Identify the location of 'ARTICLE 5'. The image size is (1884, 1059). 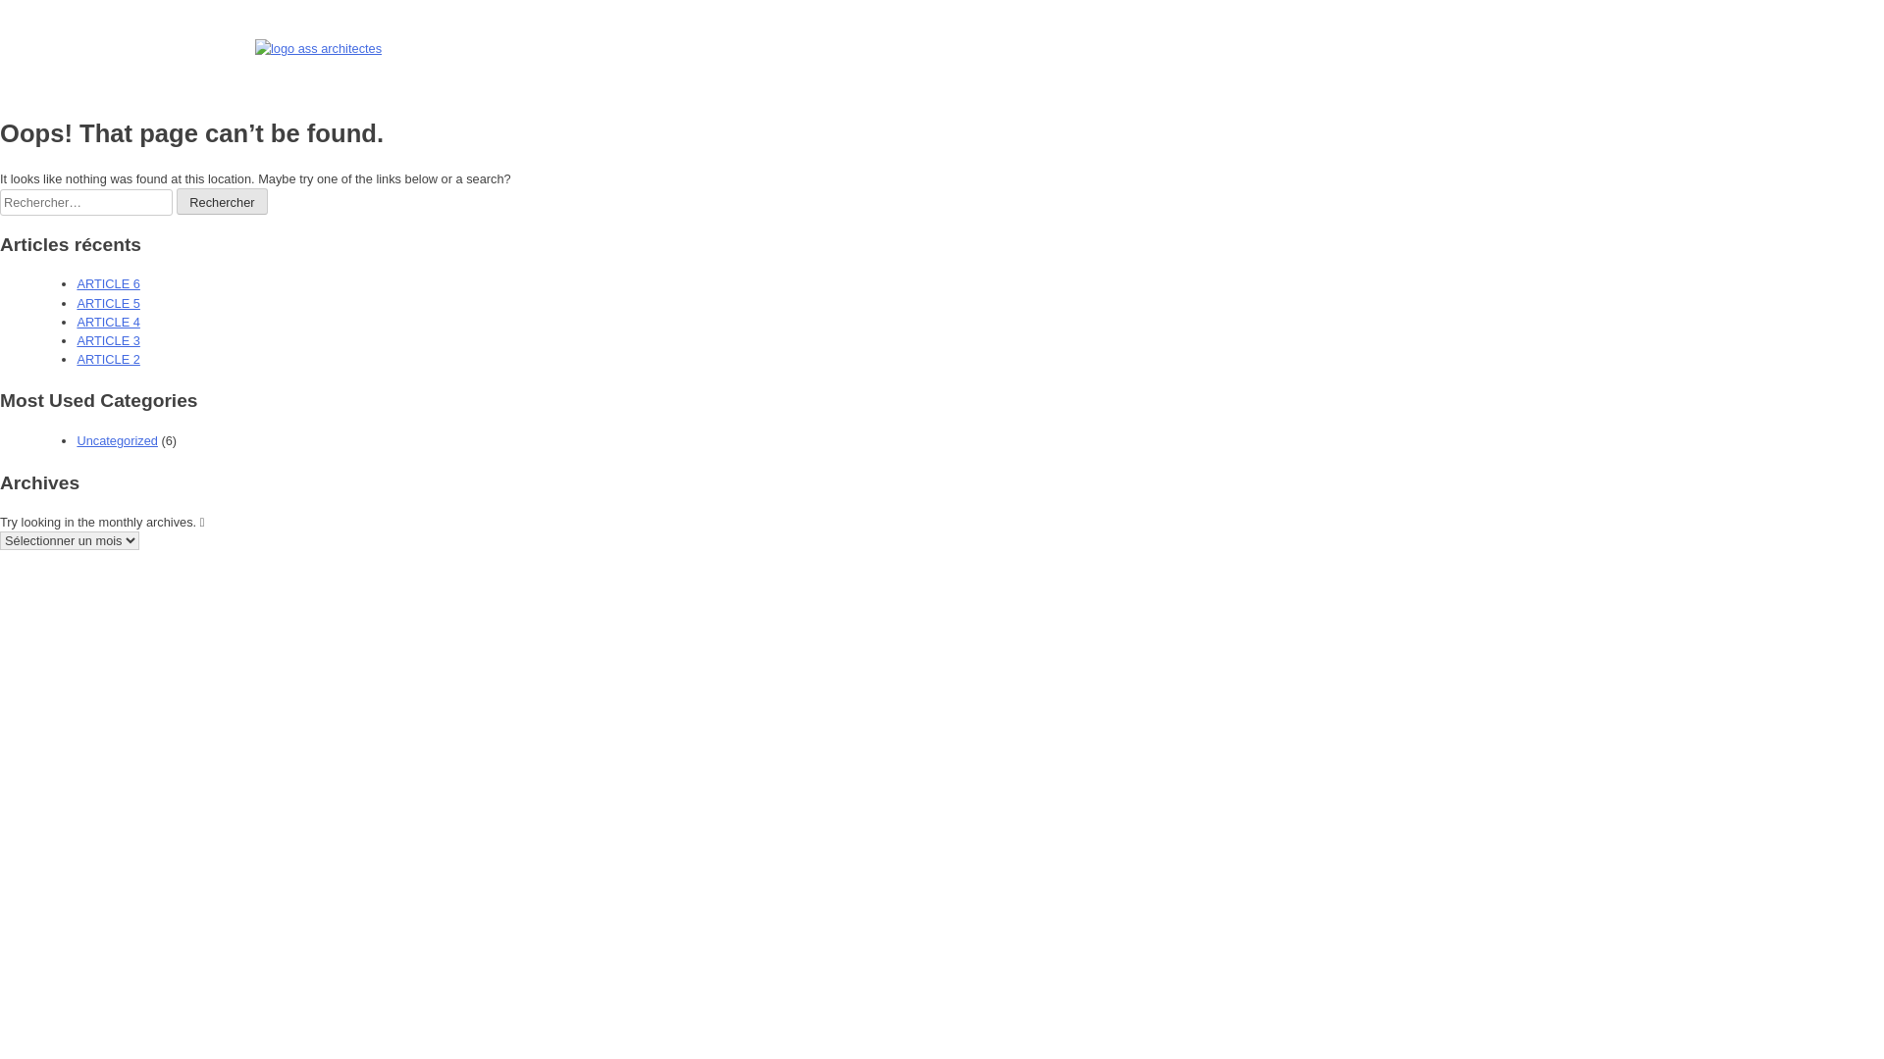
(107, 303).